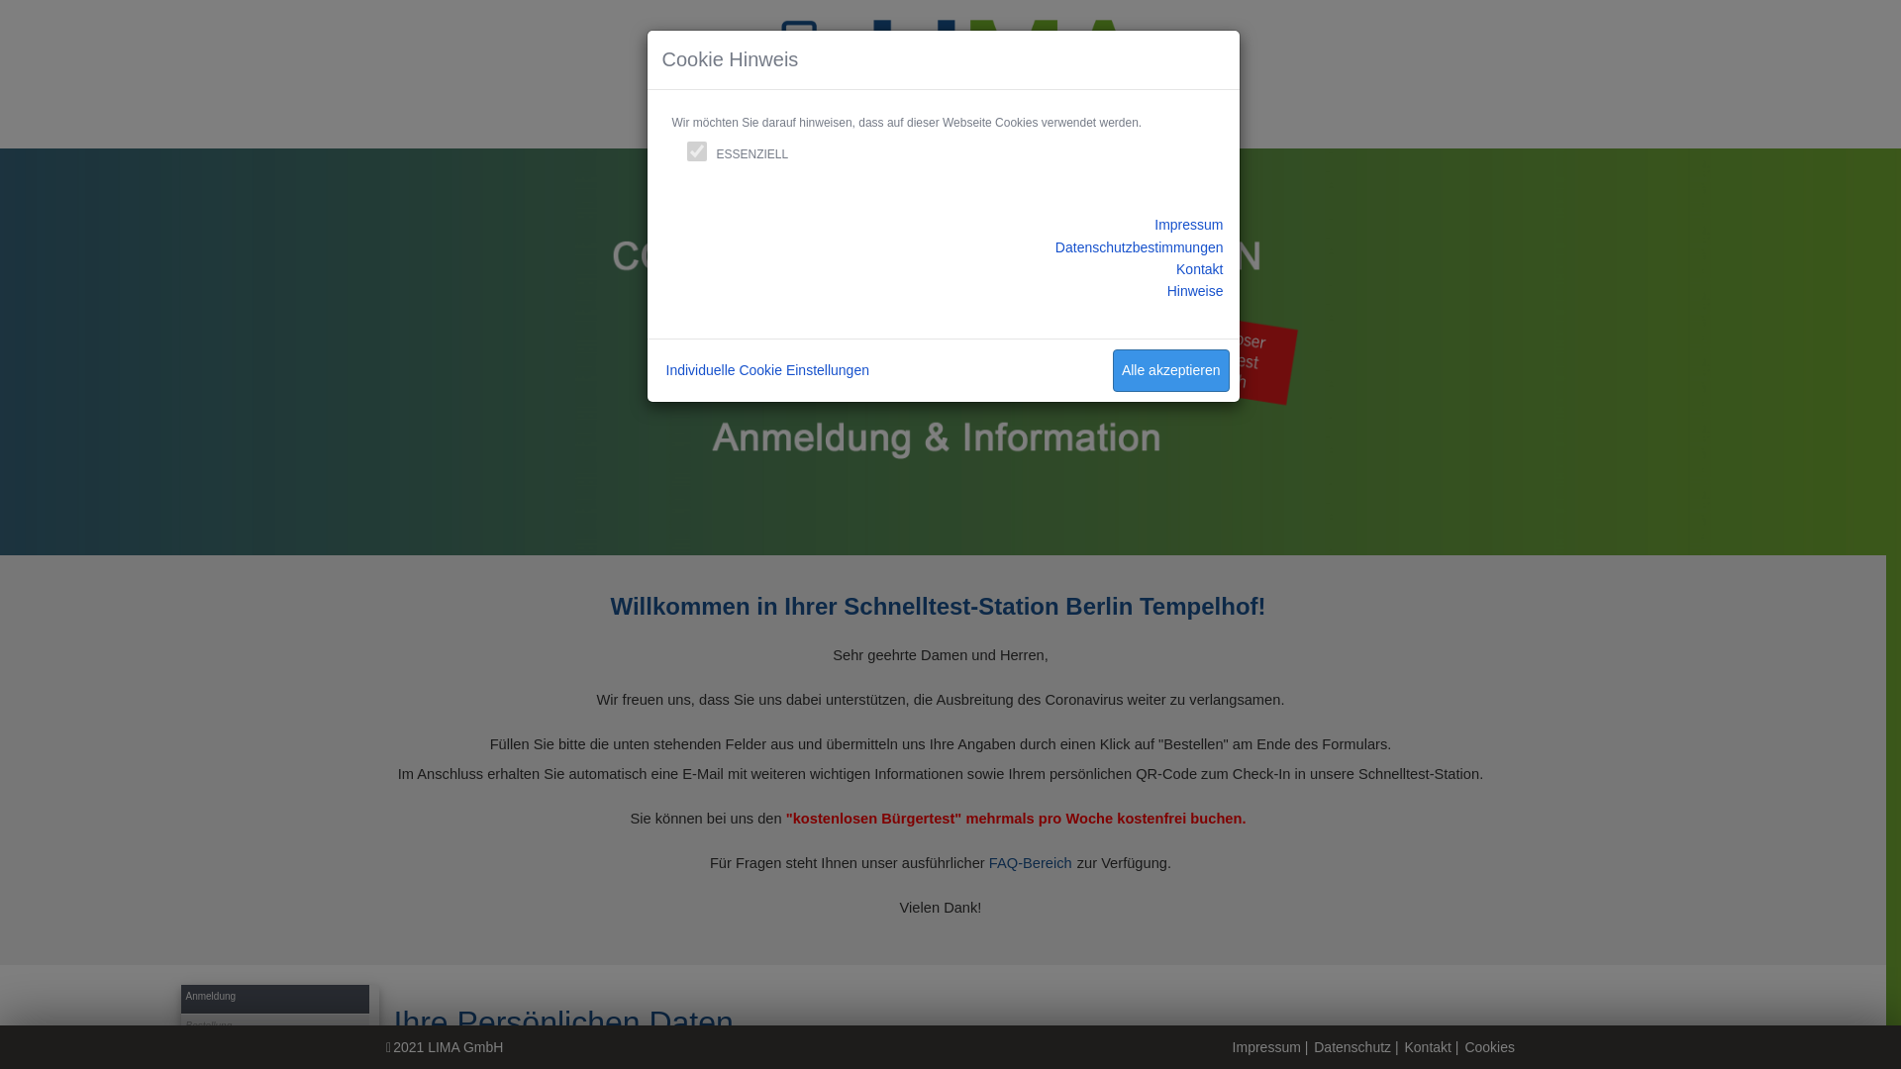 This screenshot has height=1069, width=1901. What do you see at coordinates (1140, 246) in the screenshot?
I see `'Datenschutzbestimmungen'` at bounding box center [1140, 246].